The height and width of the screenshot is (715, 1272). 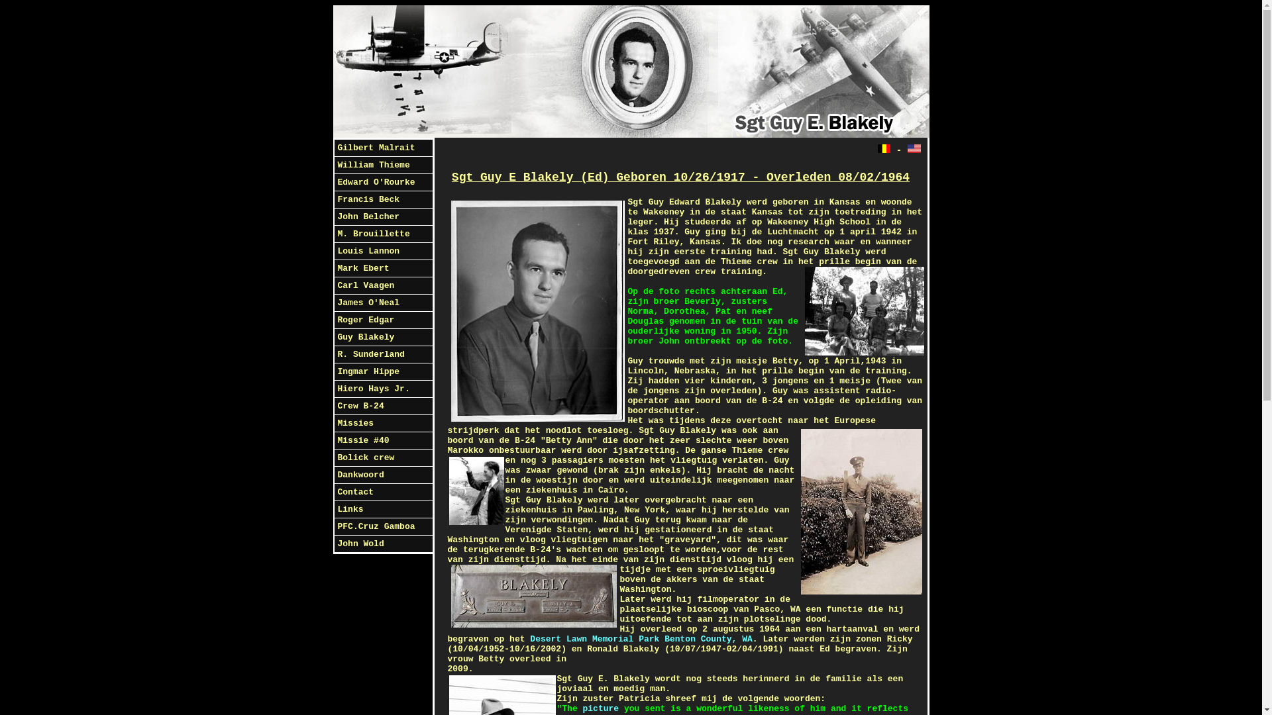 I want to click on 'R. Sunderland', so click(x=334, y=354).